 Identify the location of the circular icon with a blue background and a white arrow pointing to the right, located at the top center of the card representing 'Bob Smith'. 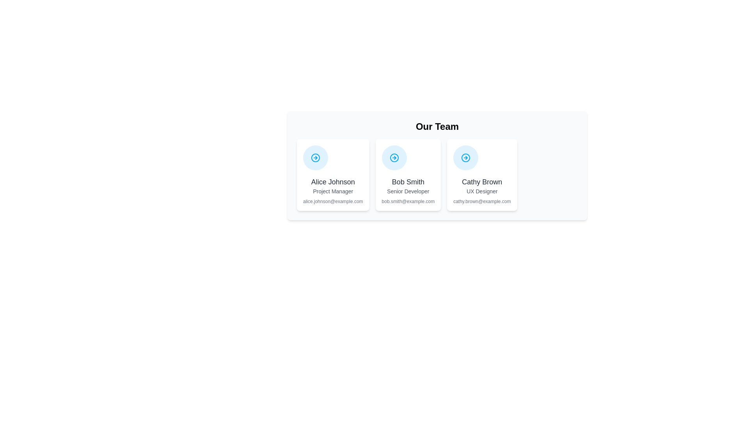
(394, 158).